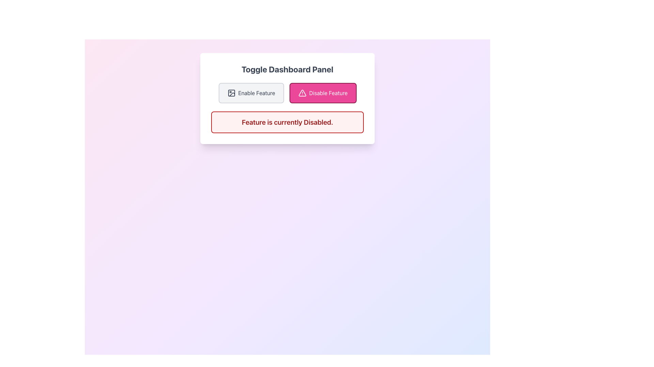 The image size is (654, 367). What do you see at coordinates (302, 93) in the screenshot?
I see `the alert icon located on the left side of the 'Disable Feature' button, which is part of the button group under the 'Toggle Dashboard Panel' header` at bounding box center [302, 93].